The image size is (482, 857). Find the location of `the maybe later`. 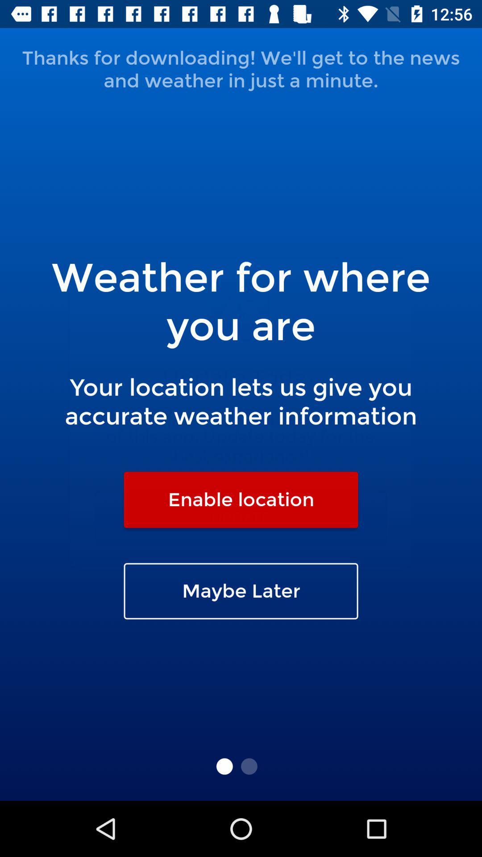

the maybe later is located at coordinates (241, 591).